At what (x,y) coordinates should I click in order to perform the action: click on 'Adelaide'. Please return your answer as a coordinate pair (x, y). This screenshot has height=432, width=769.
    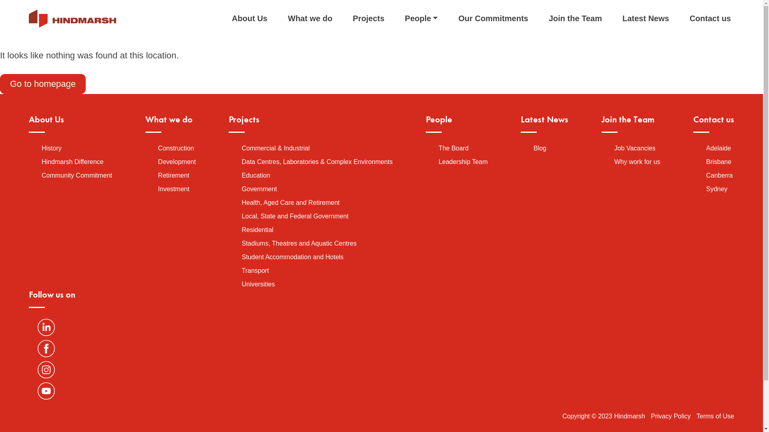
    Looking at the image, I should click on (706, 148).